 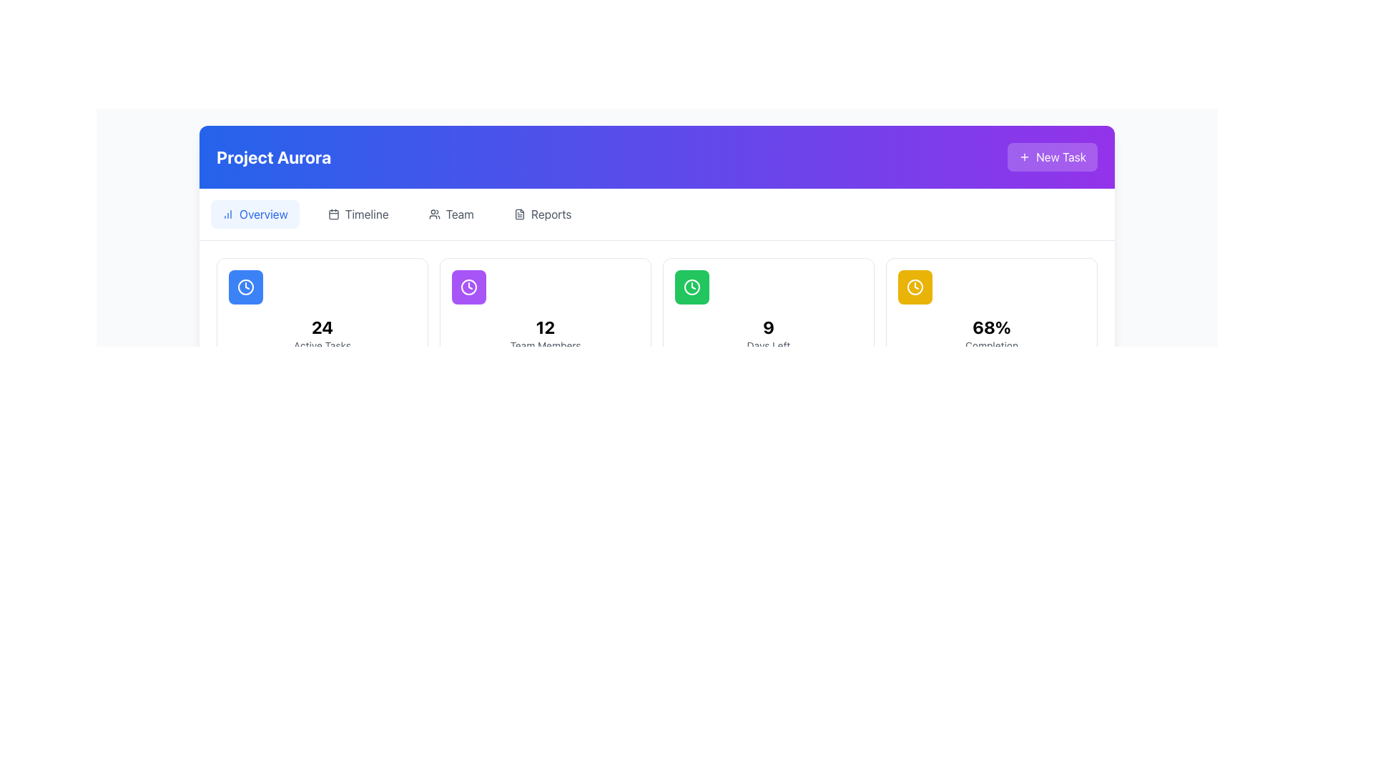 I want to click on the text 'Team' in the upper menu bar, so click(x=460, y=214).